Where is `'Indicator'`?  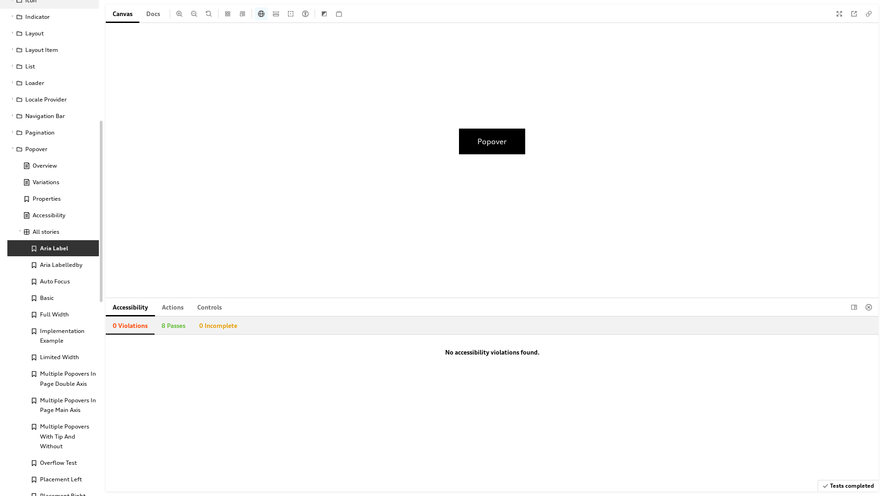 'Indicator' is located at coordinates (49, 17).